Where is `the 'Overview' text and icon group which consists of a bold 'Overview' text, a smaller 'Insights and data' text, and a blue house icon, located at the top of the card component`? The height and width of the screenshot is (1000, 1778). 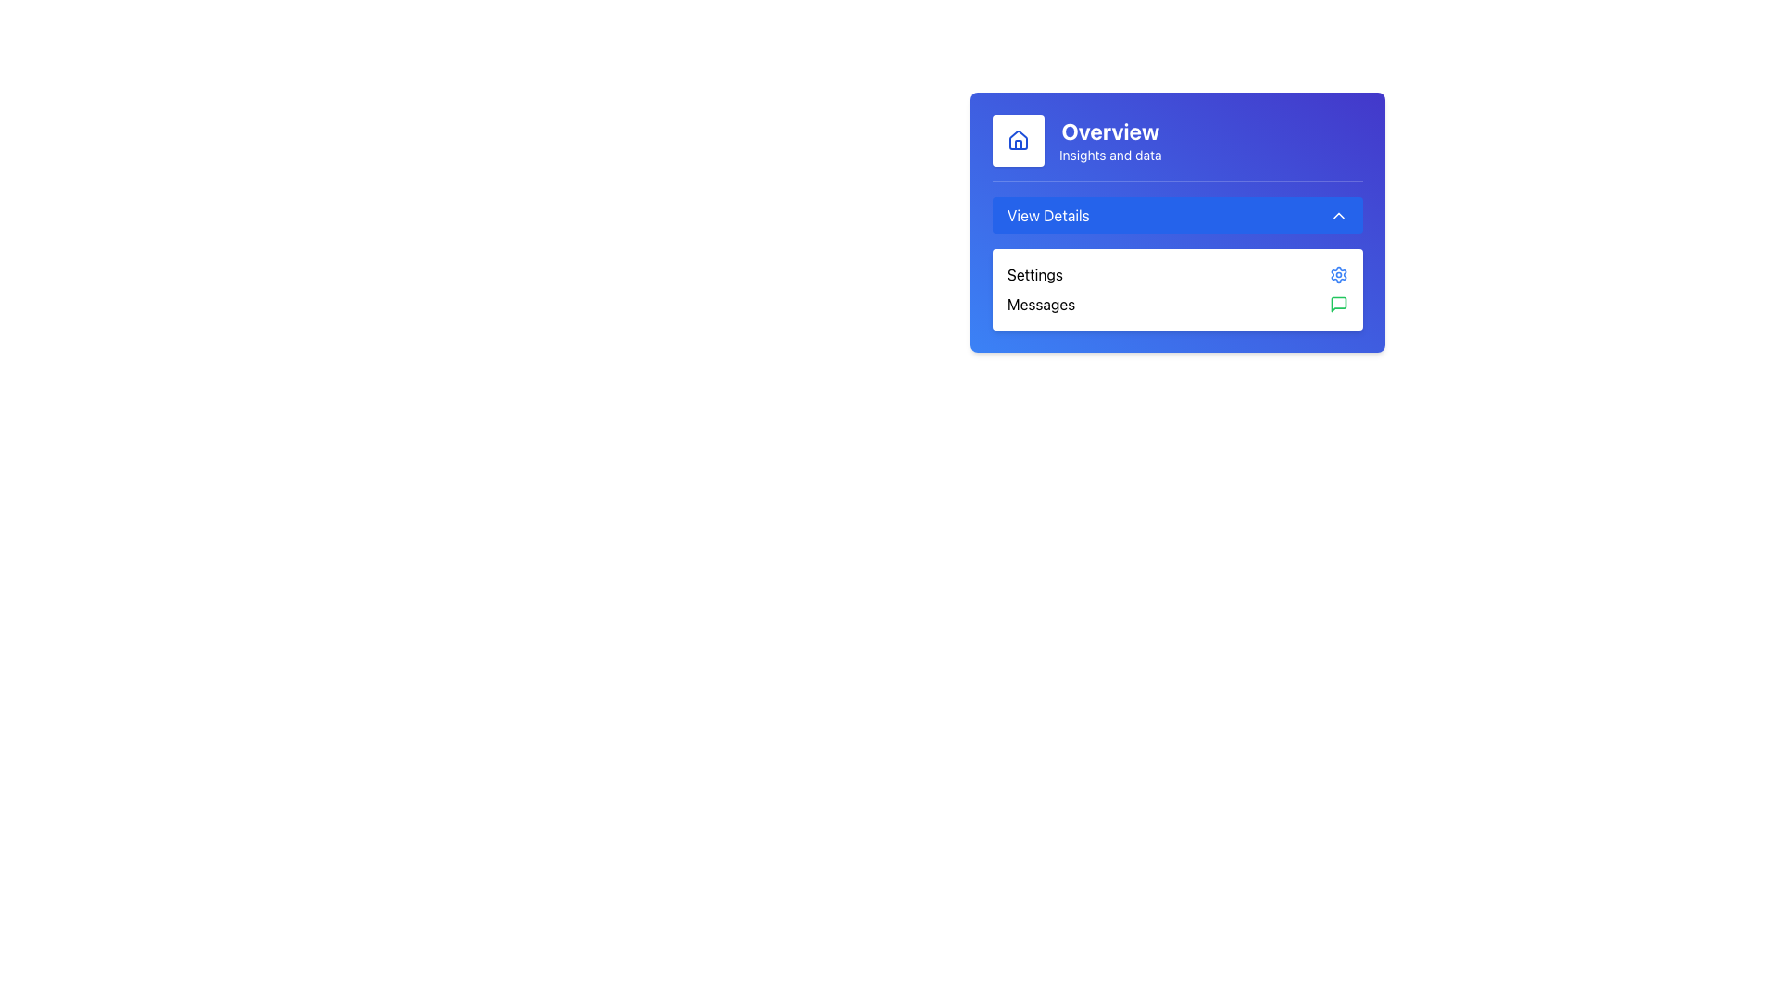 the 'Overview' text and icon group which consists of a bold 'Overview' text, a smaller 'Insights and data' text, and a blue house icon, located at the top of the card component is located at coordinates (1177, 146).